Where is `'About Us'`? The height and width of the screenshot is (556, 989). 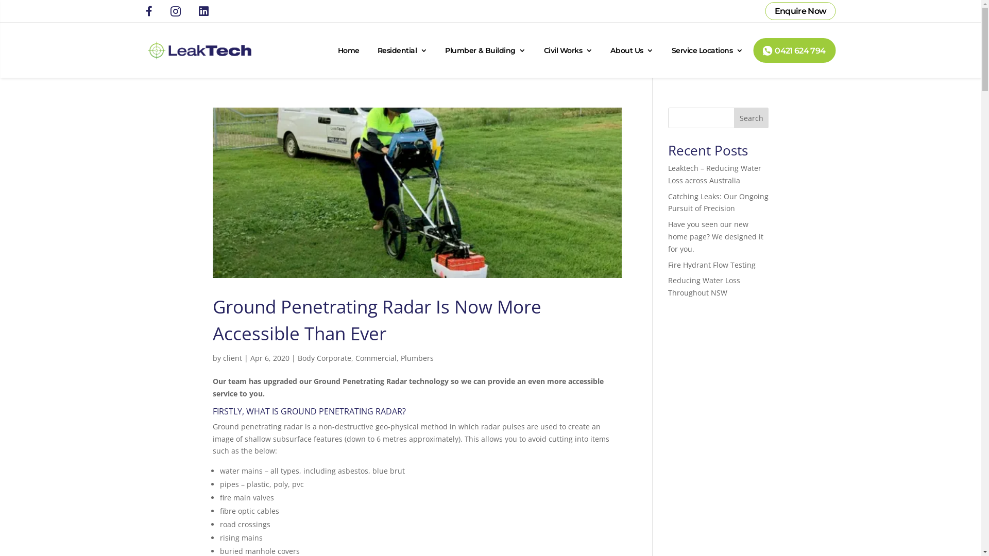 'About Us' is located at coordinates (631, 50).